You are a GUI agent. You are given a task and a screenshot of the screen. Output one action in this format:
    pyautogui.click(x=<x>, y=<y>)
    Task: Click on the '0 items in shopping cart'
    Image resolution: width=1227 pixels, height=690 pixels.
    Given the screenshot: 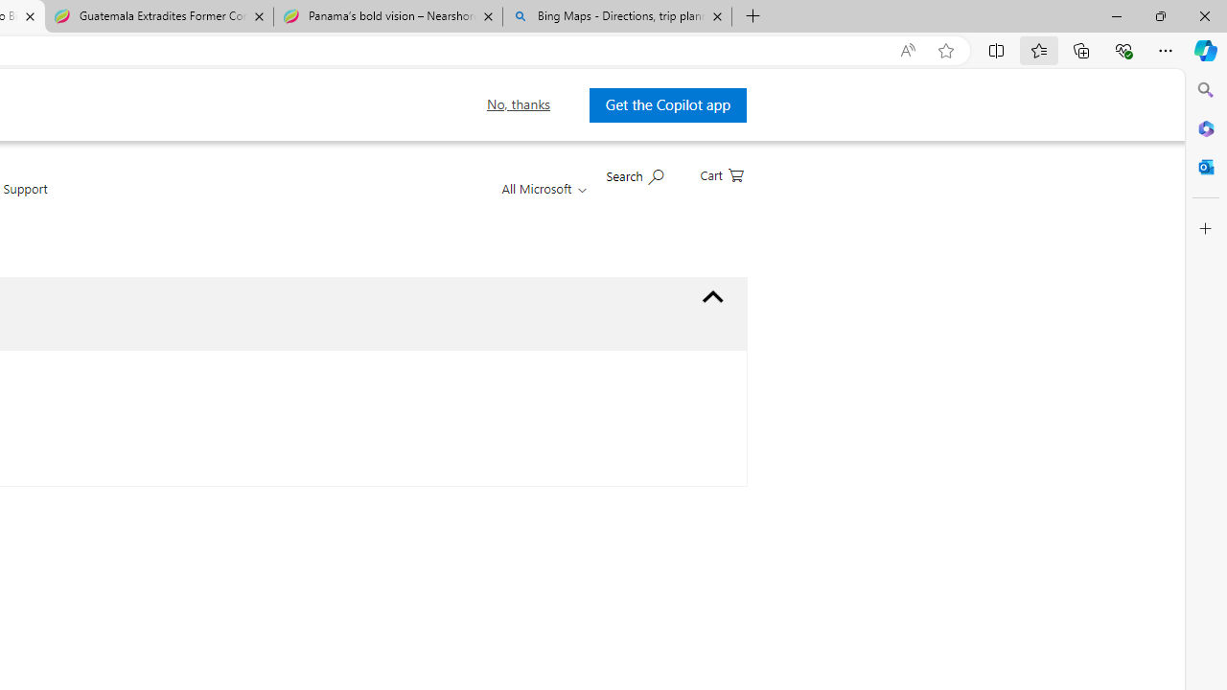 What is the action you would take?
    pyautogui.click(x=720, y=173)
    